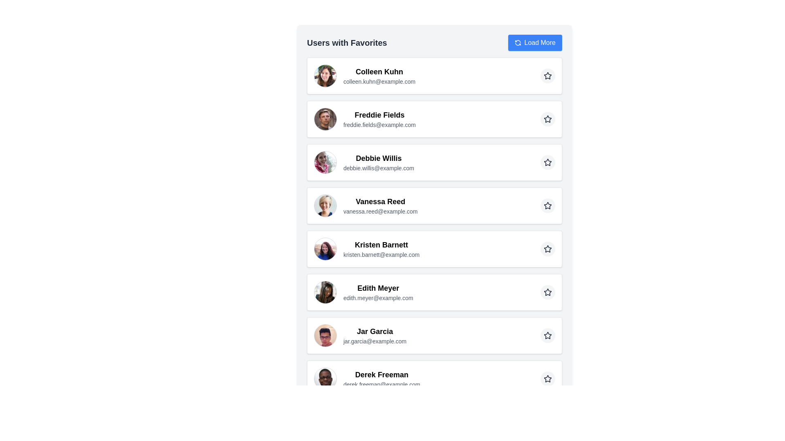 This screenshot has width=785, height=441. Describe the element at coordinates (381, 375) in the screenshot. I see `the text label displaying the name 'Derek Freeman', which is located at the bottom of the list, to help users identify the individual` at that location.